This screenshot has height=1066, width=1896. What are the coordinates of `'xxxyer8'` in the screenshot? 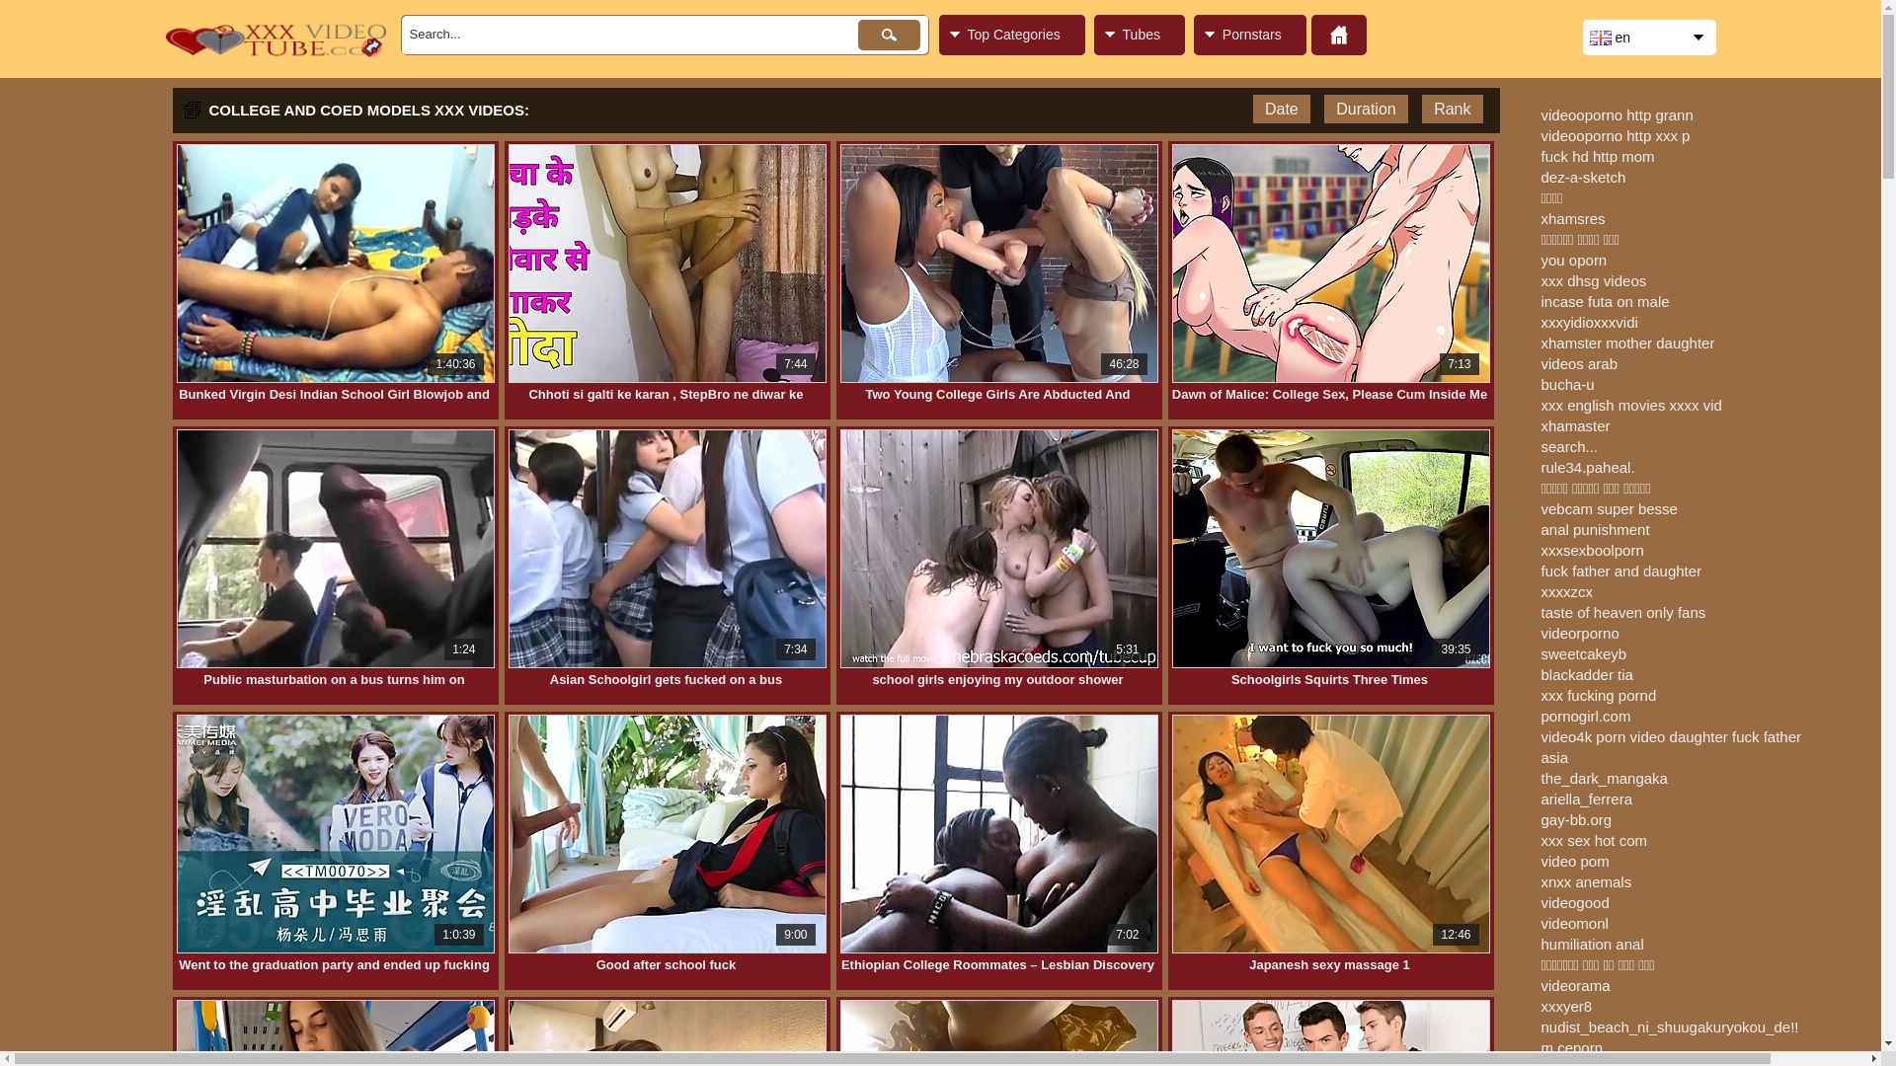 It's located at (1564, 1006).